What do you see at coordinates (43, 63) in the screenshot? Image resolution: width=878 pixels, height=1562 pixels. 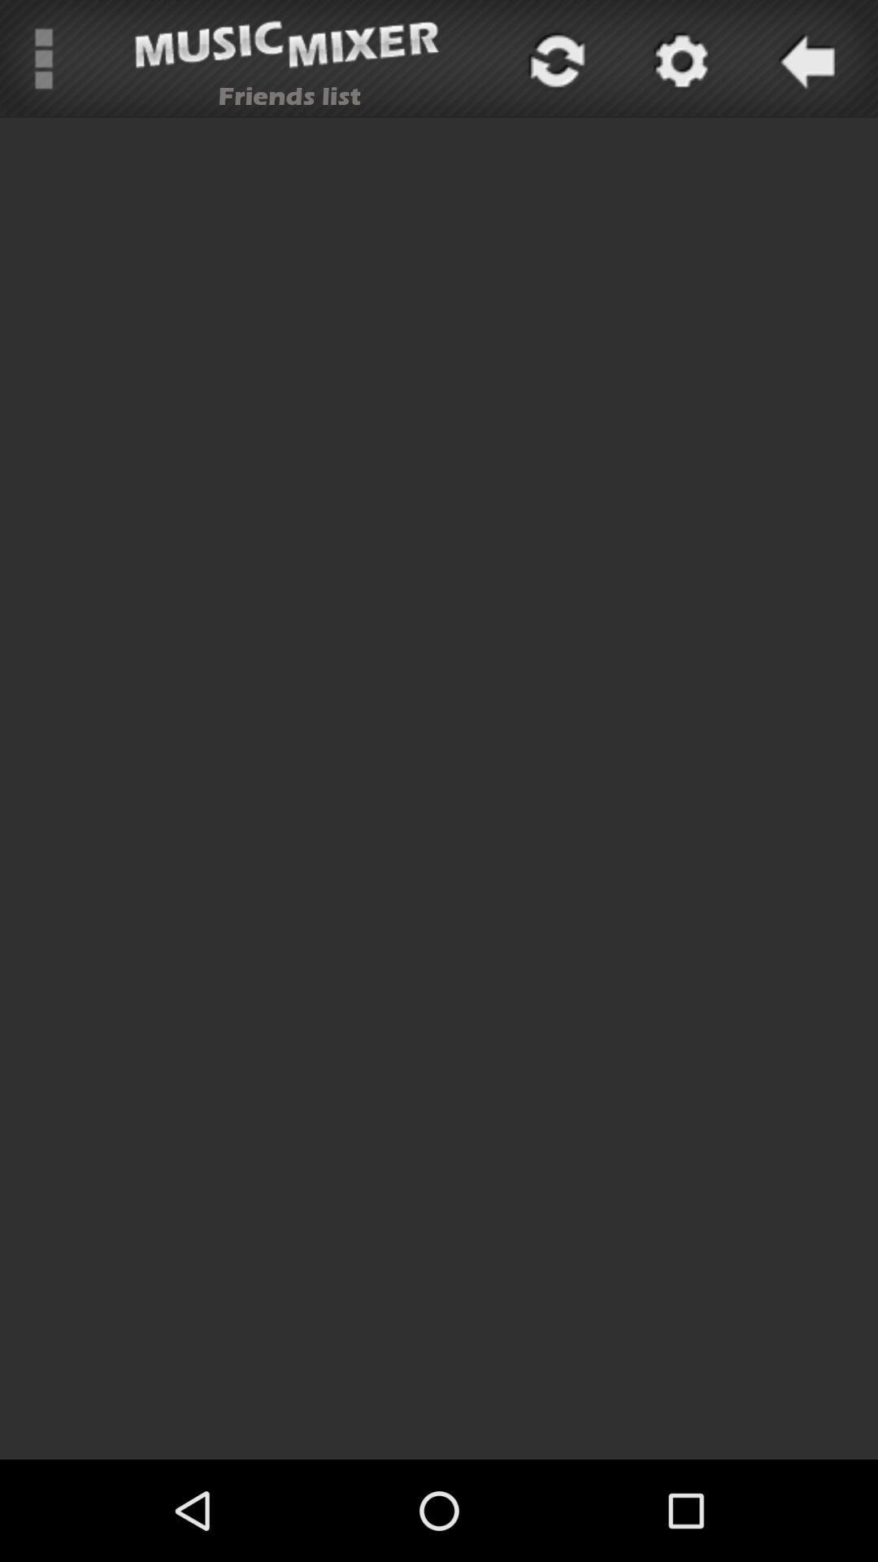 I see `the more icon` at bounding box center [43, 63].